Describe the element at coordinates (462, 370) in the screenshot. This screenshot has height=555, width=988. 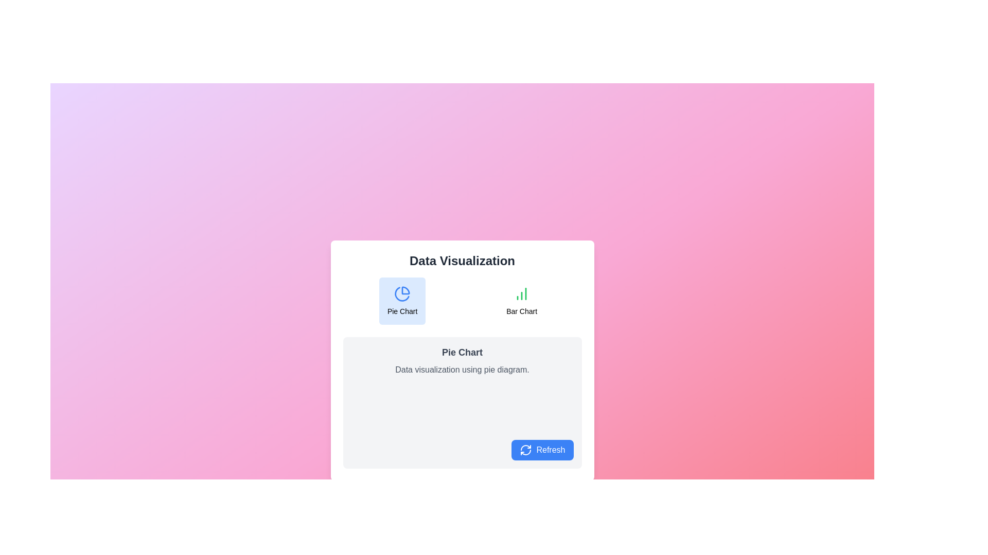
I see `the static text element that provides a description for the 'Pie Chart' feature, which is located beneath the heading 'Pie Chart' and above the 'Refresh' button` at that location.